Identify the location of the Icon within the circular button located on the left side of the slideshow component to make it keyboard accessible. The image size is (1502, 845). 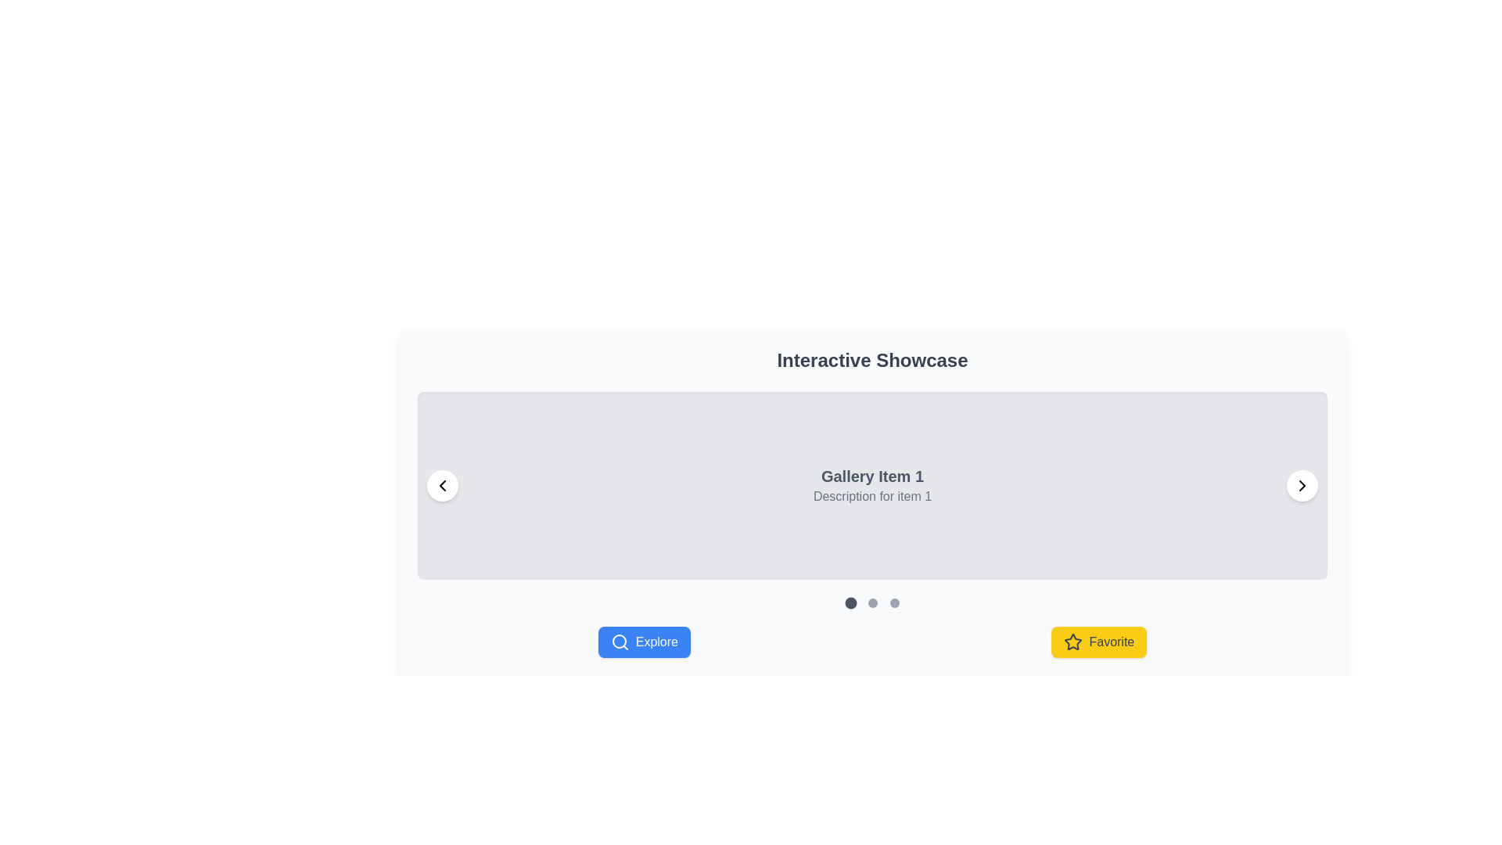
(442, 485).